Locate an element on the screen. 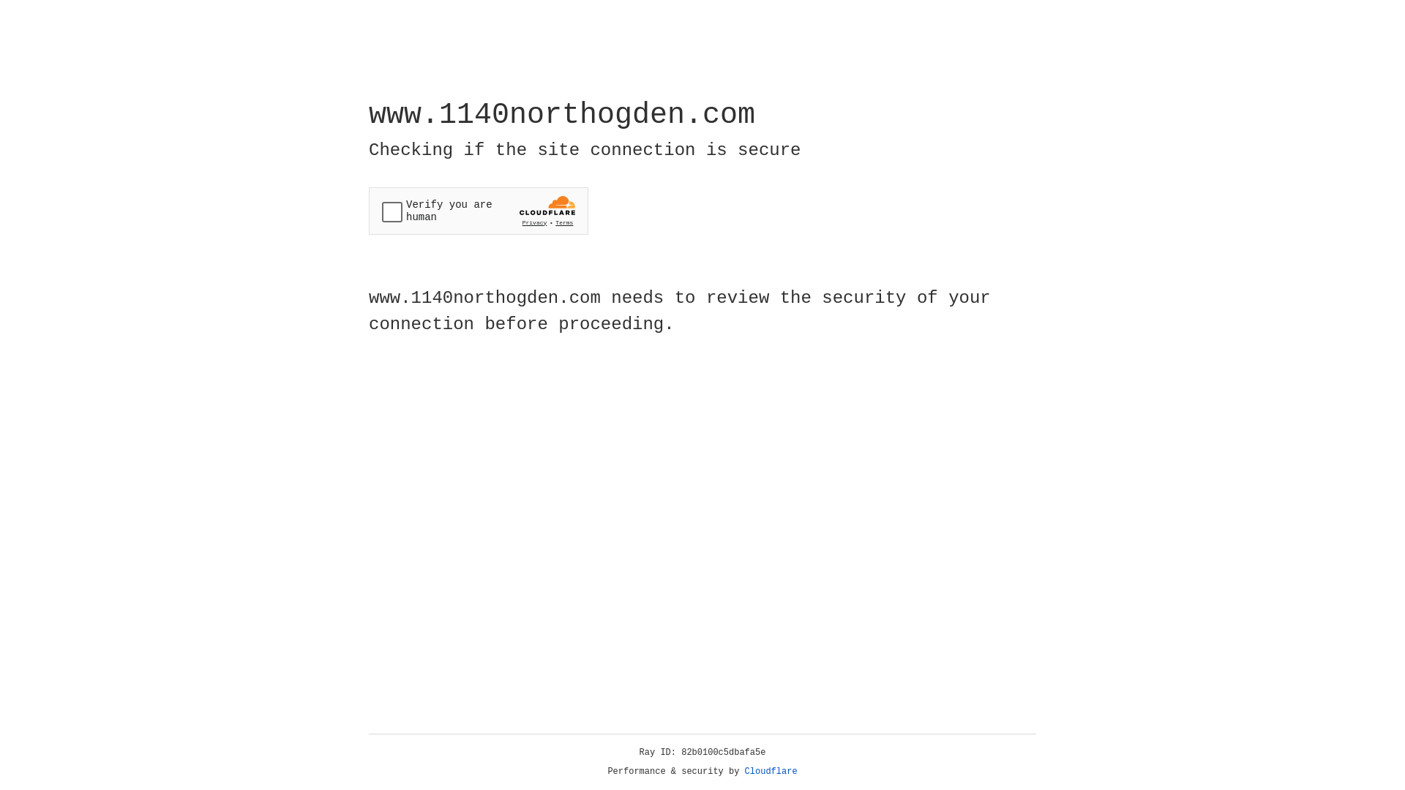 The width and height of the screenshot is (1405, 790). 'Cloudflare' is located at coordinates (771, 771).